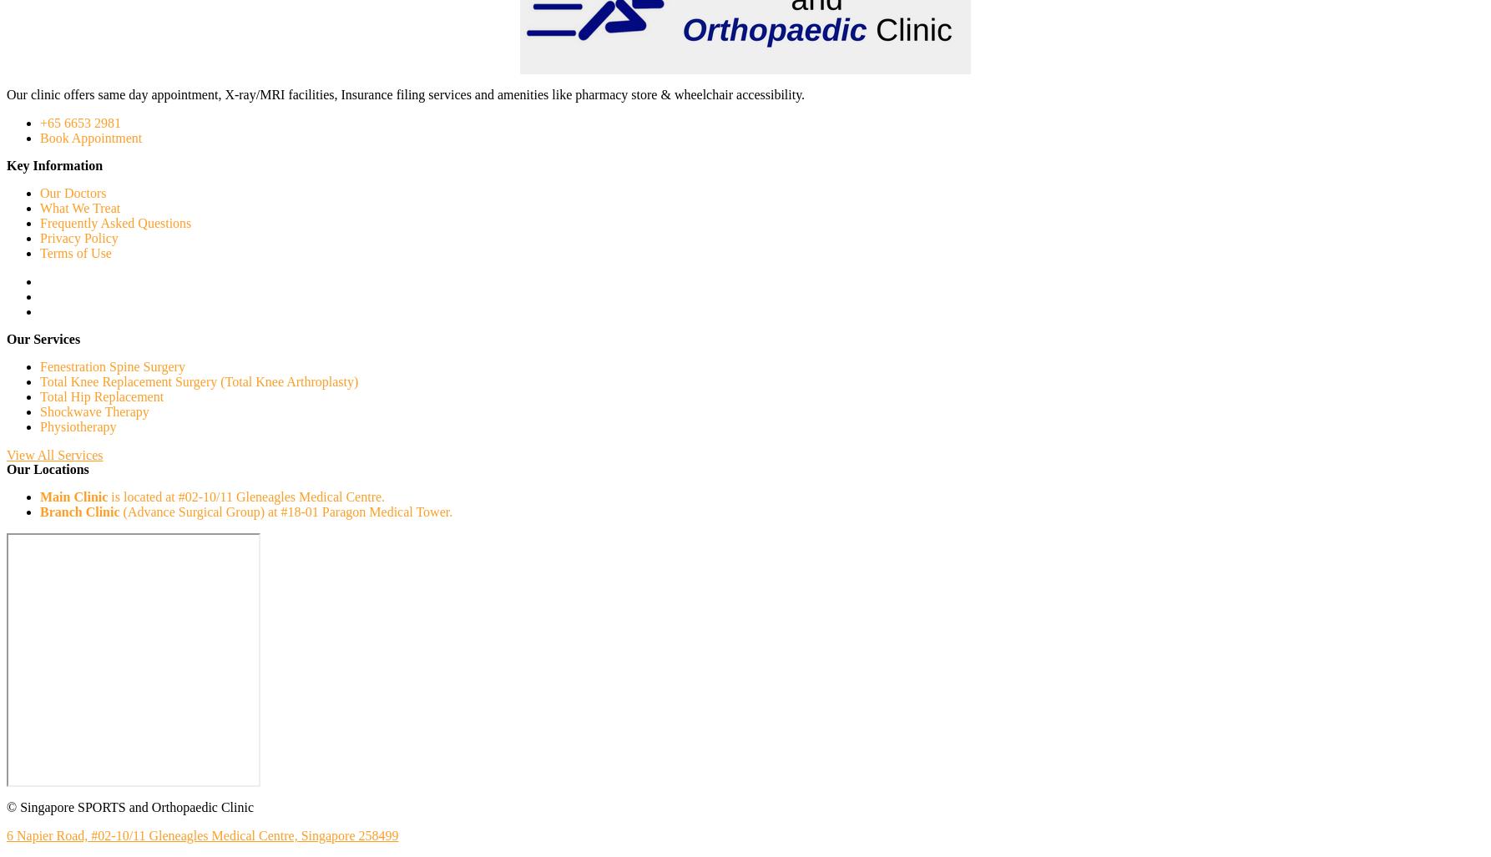 This screenshot has height=857, width=1491. I want to click on 'Total Knee Replacement Surgery (Total Knee Arthroplasty)', so click(198, 381).